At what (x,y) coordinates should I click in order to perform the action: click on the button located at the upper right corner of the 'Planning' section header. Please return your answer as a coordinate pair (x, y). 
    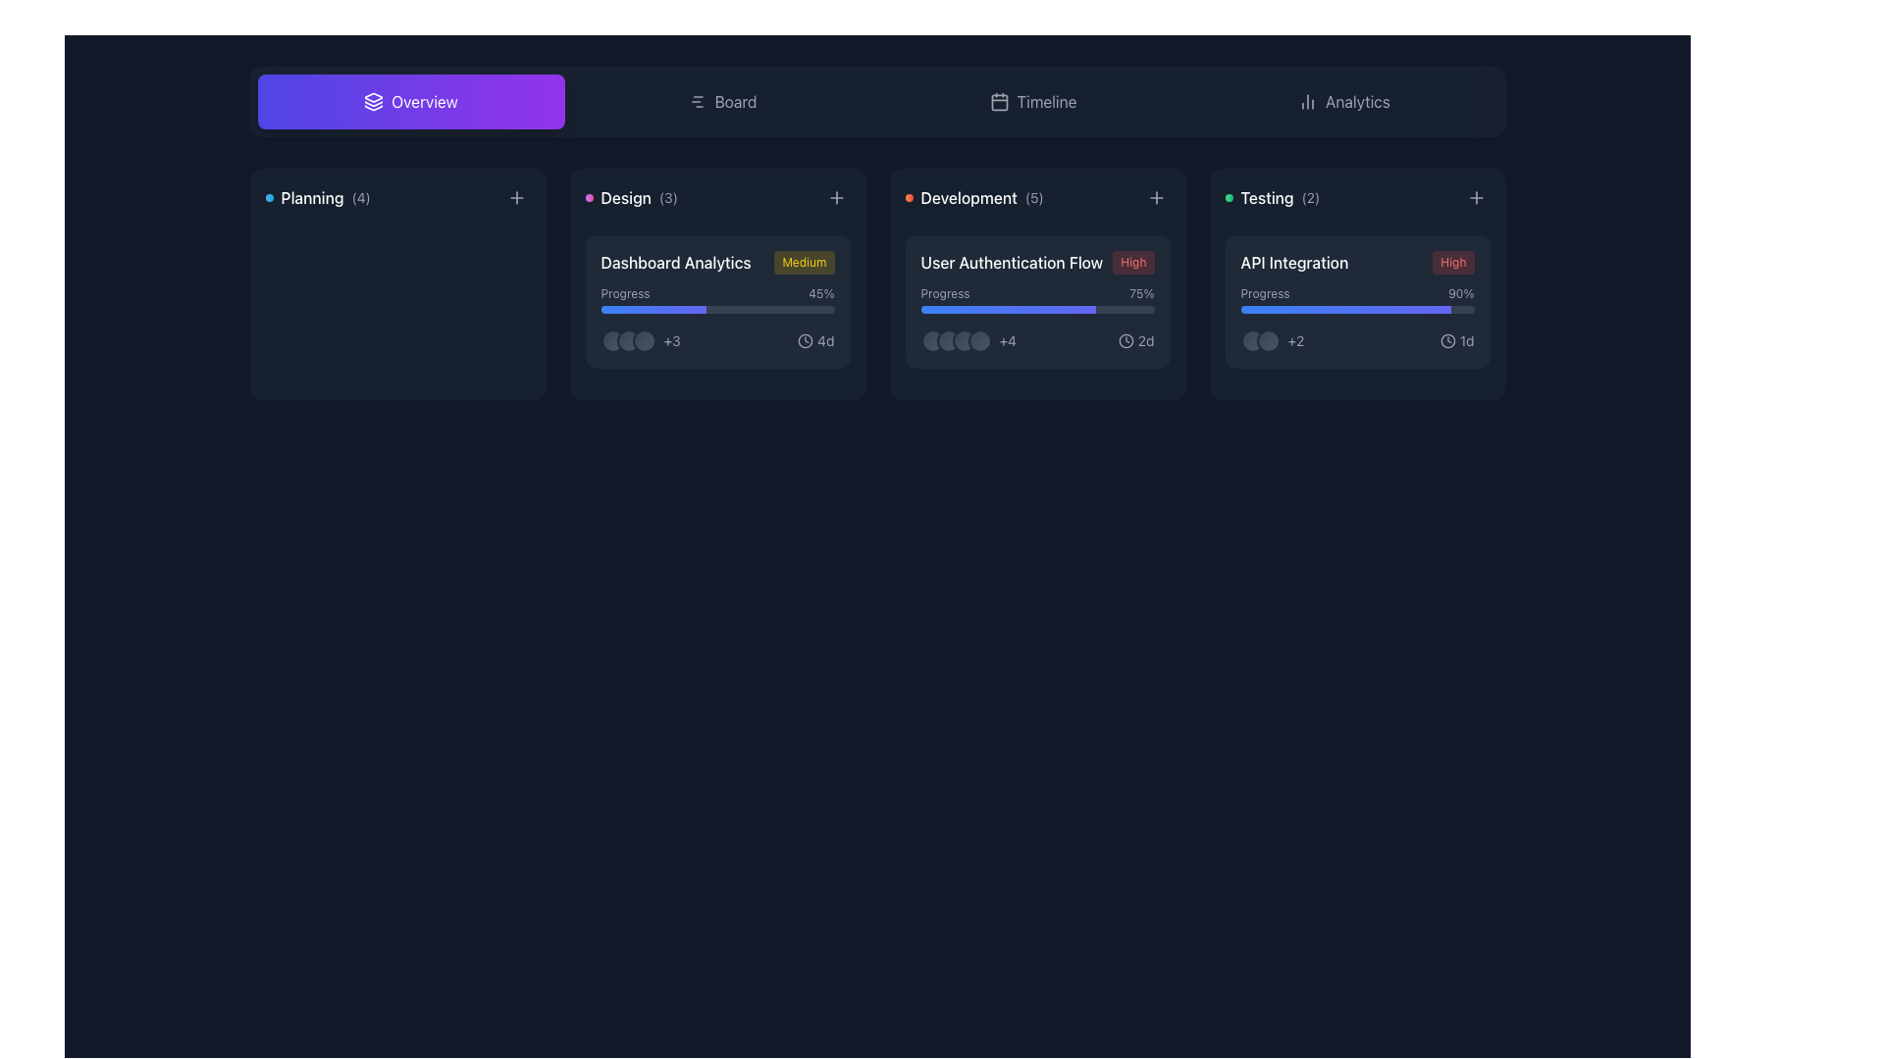
    Looking at the image, I should click on (516, 197).